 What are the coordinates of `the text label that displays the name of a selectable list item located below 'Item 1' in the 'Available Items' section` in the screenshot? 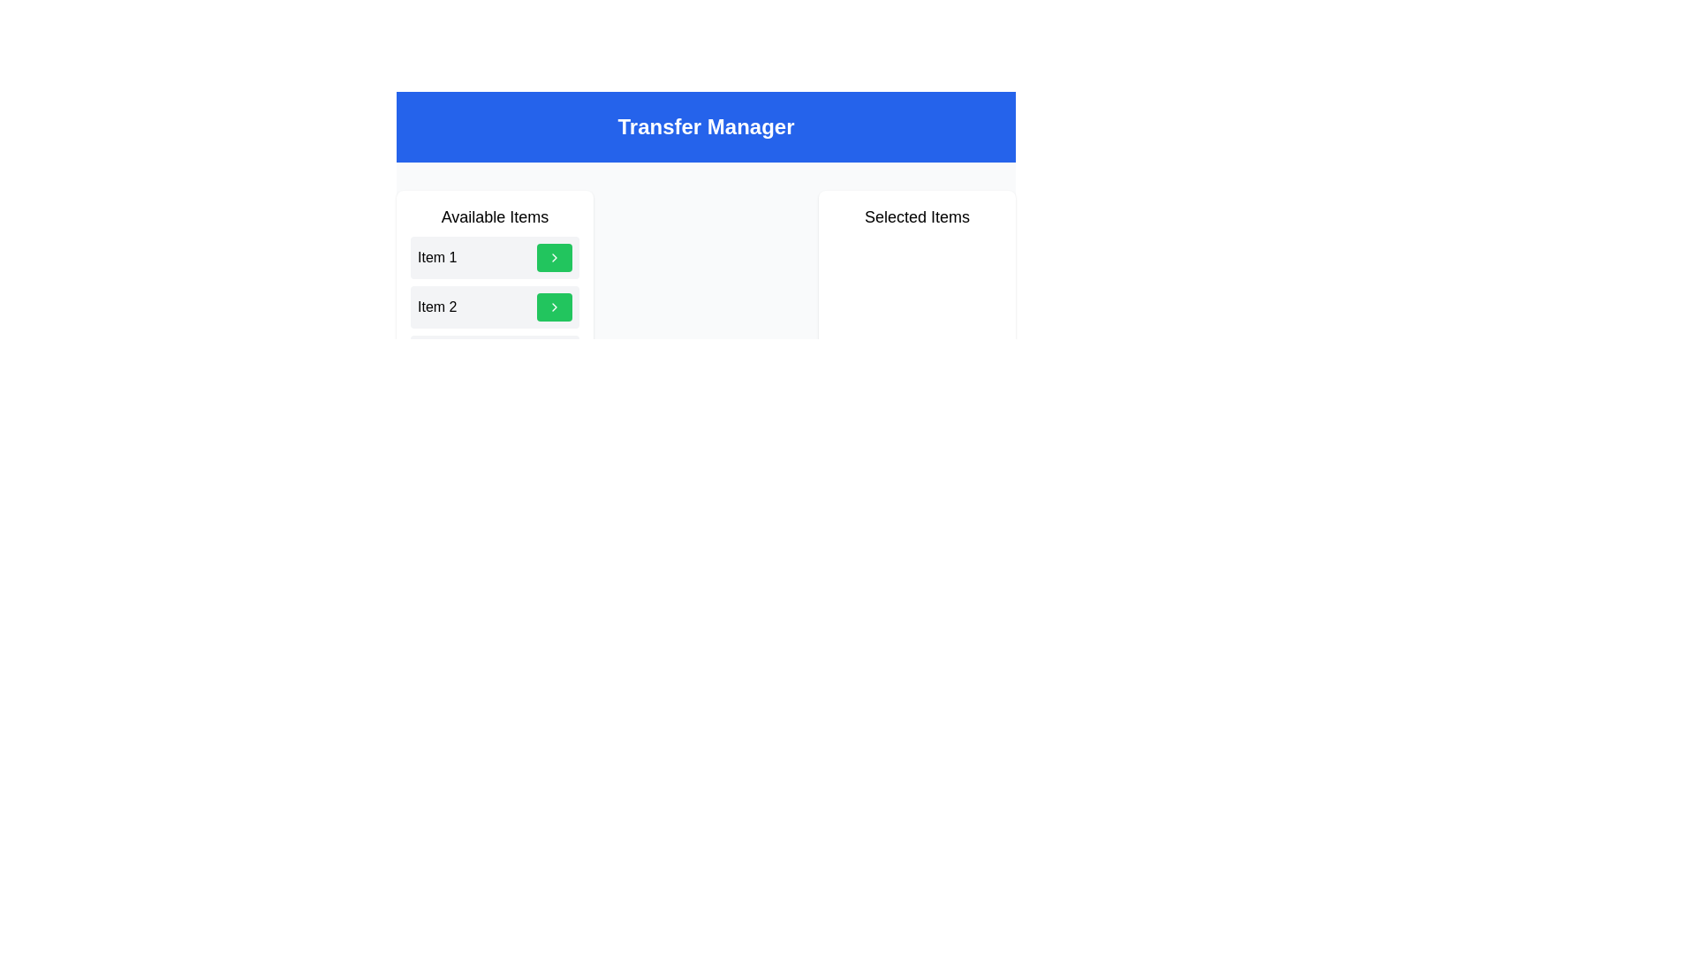 It's located at (437, 306).